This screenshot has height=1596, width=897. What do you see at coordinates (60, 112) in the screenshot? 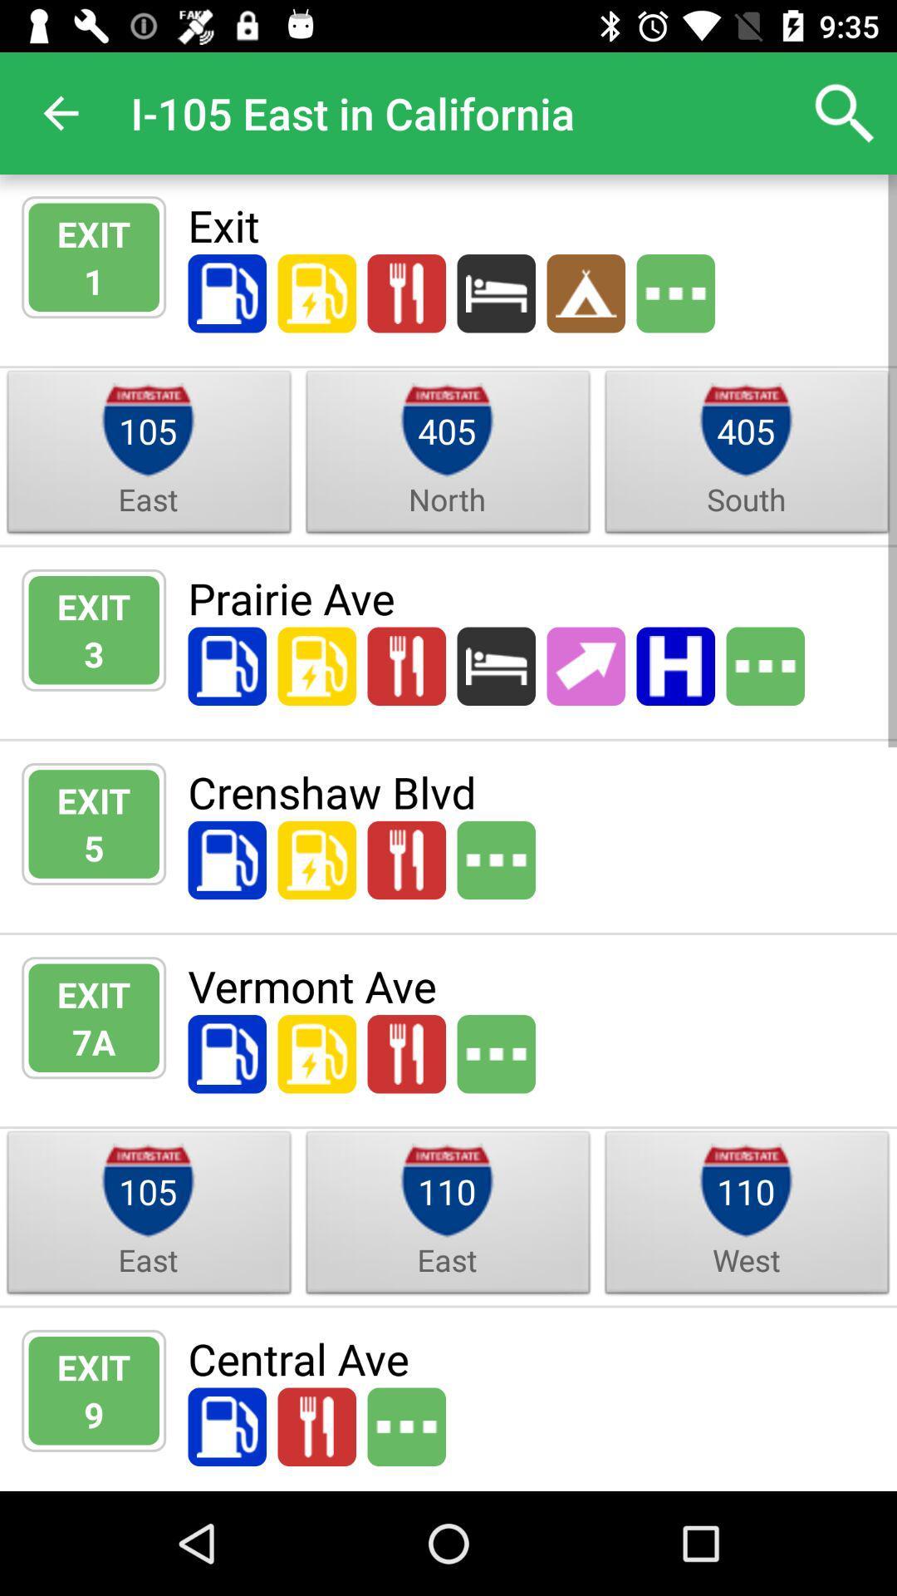
I see `item above exit item` at bounding box center [60, 112].